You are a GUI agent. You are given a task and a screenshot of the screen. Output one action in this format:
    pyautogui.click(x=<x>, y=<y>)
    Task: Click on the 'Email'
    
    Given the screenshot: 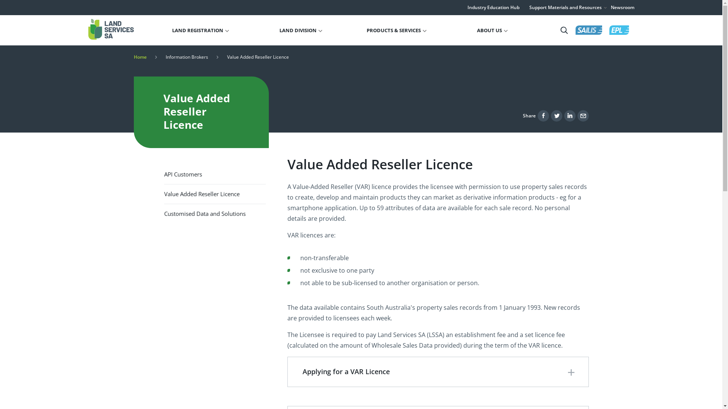 What is the action you would take?
    pyautogui.click(x=582, y=116)
    